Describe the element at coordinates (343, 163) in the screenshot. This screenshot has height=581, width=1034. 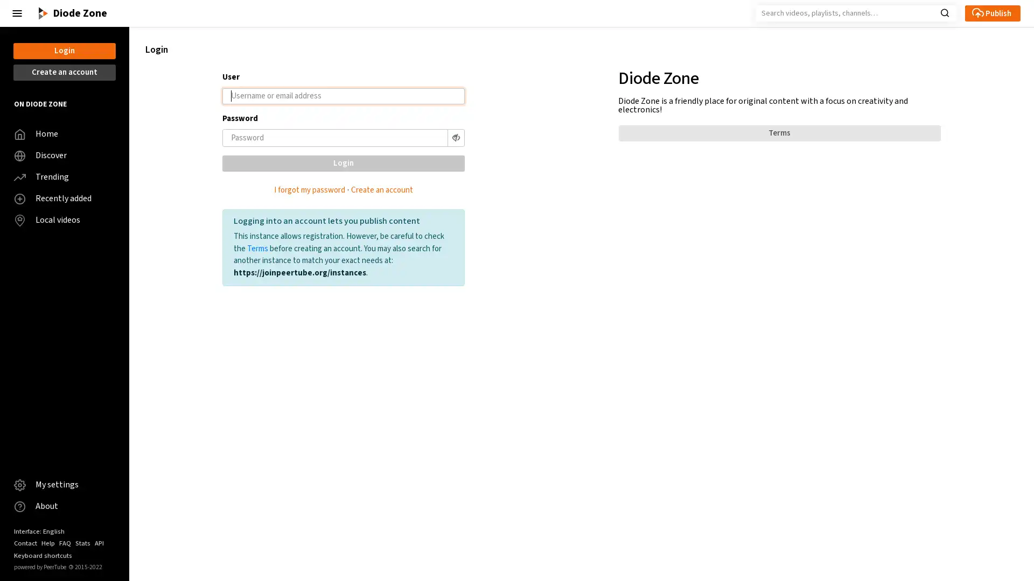
I see `Login` at that location.